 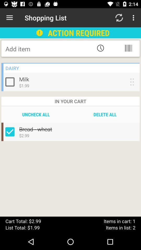 I want to click on the main menu, so click(x=128, y=48).